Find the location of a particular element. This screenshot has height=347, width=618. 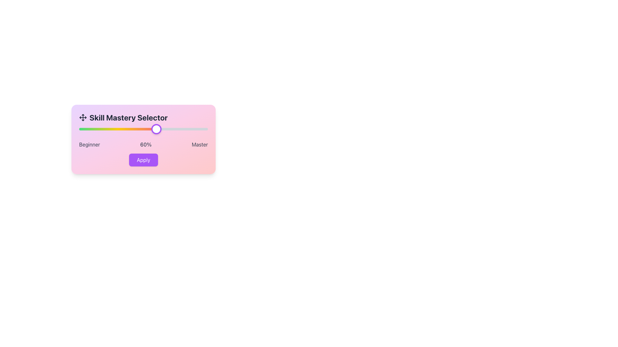

the Skill Mastery level is located at coordinates (183, 129).